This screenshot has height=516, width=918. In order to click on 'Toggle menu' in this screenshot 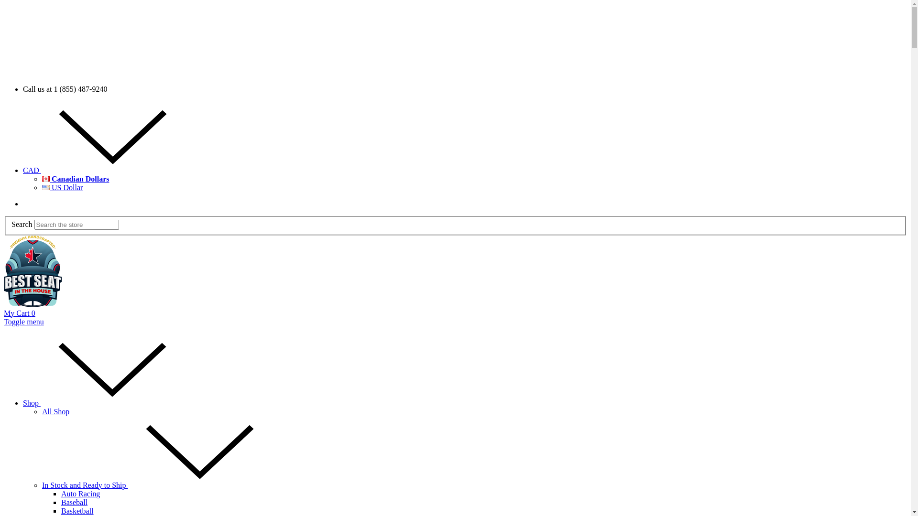, I will do `click(4, 322)`.